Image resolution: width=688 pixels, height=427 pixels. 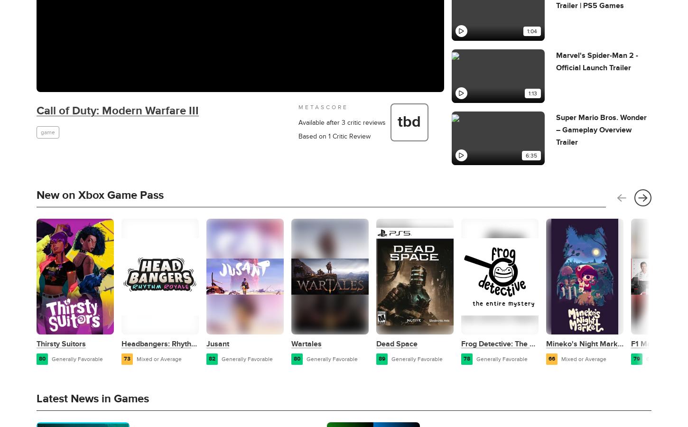 I want to click on '78', so click(x=466, y=358).